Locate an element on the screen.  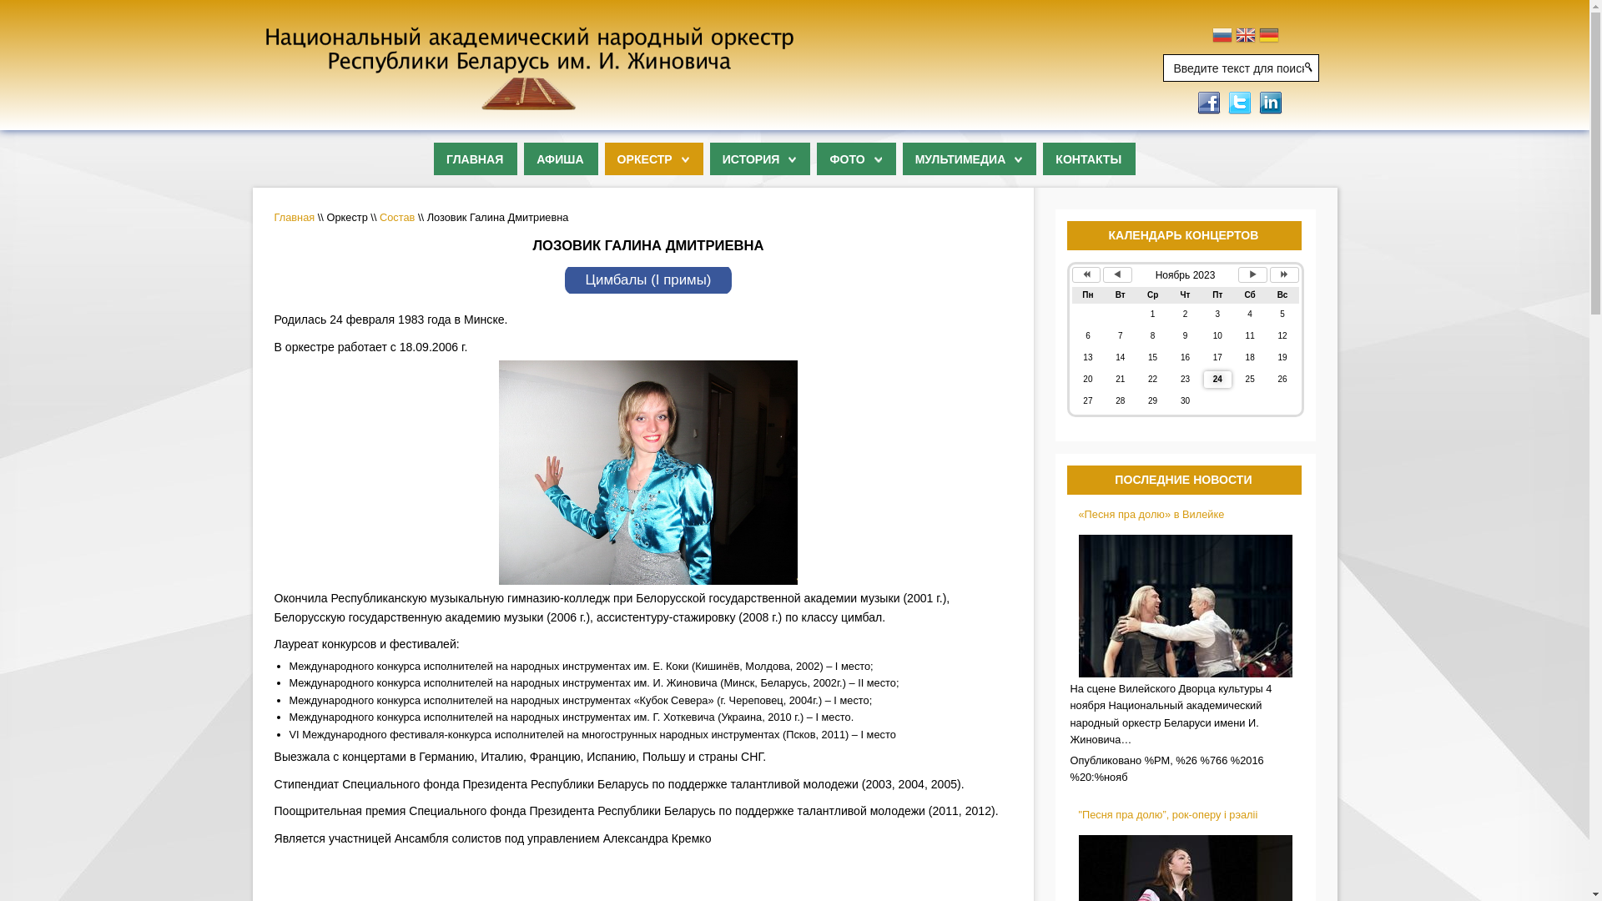
'Submit to Twitter' is located at coordinates (1226, 101).